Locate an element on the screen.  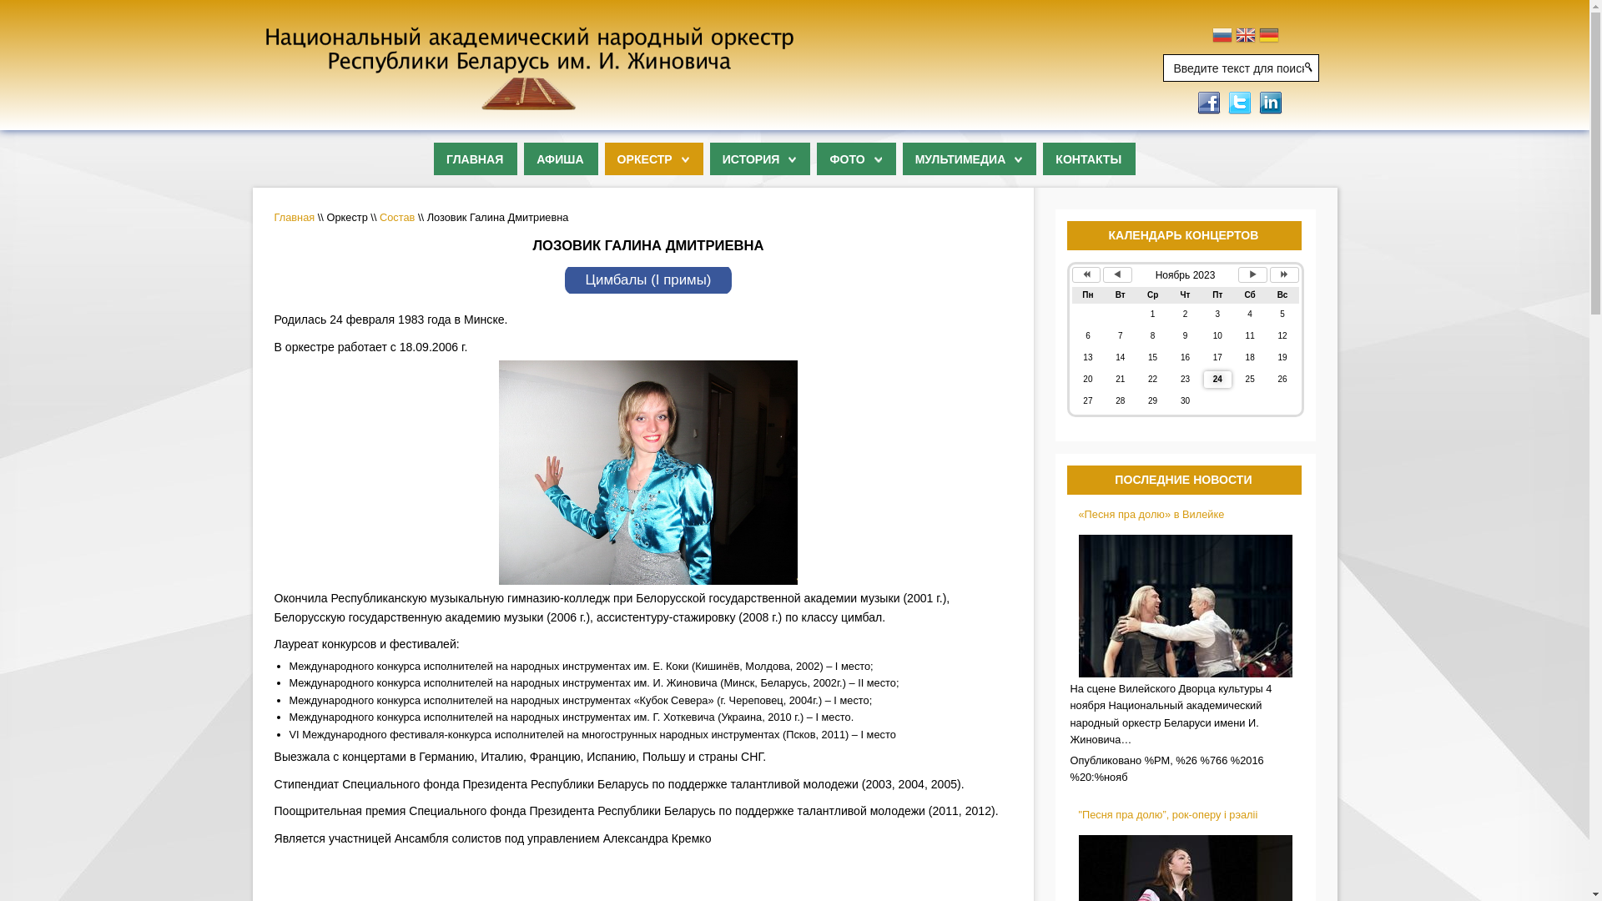
'Submit to Twitter' is located at coordinates (1226, 101).